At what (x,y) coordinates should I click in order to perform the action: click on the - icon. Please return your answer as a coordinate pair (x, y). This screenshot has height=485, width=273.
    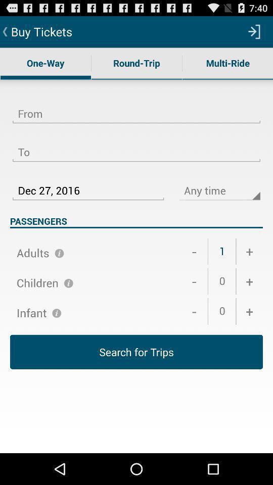
    Looking at the image, I should click on (194, 311).